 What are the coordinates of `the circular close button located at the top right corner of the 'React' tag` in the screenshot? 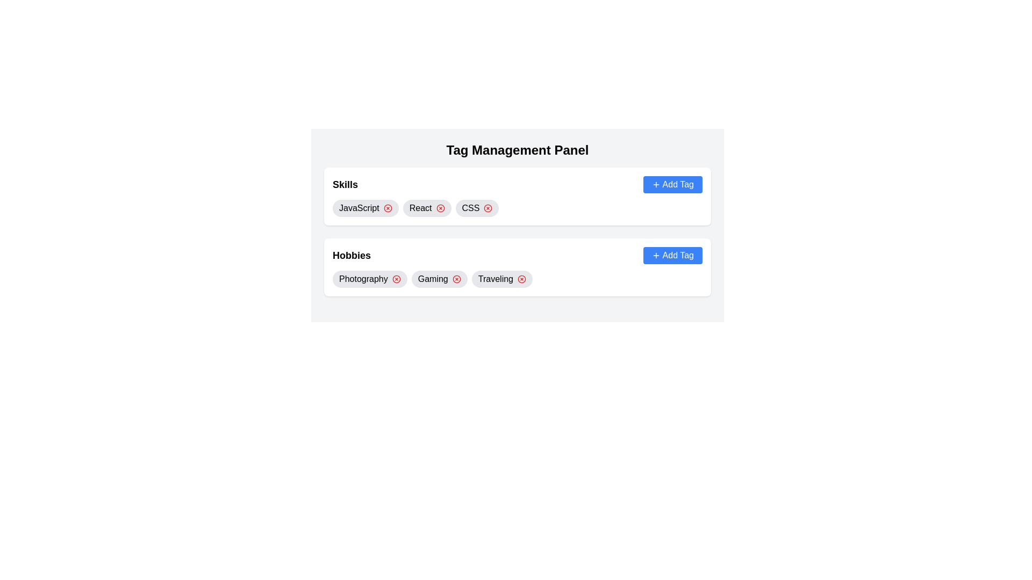 It's located at (440, 208).